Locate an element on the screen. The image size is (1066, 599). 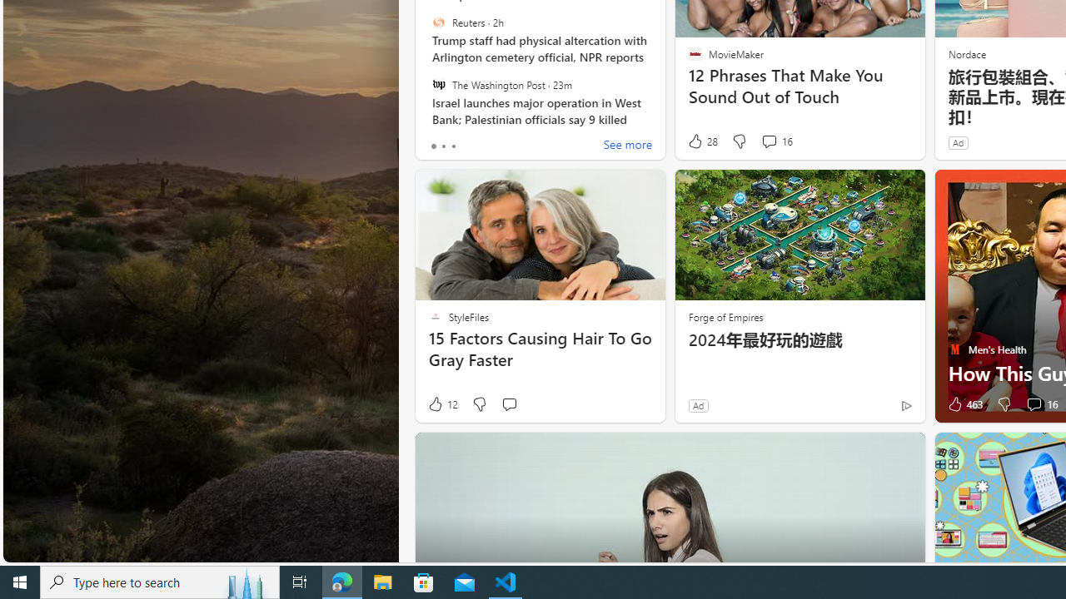
'tab-2' is located at coordinates (453, 146).